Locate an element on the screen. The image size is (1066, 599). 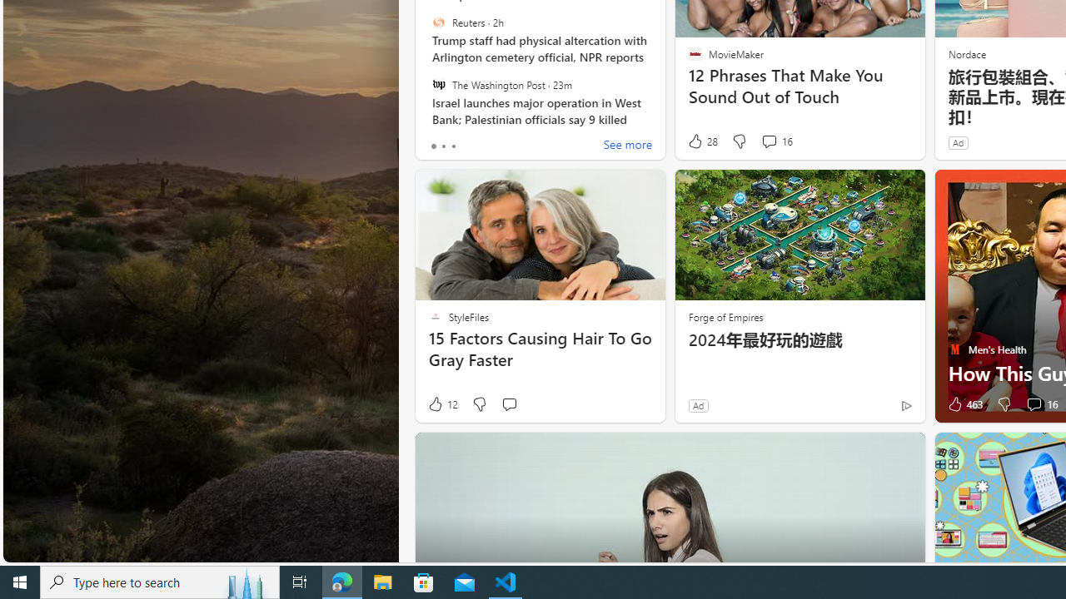
'tab-2' is located at coordinates (453, 146).